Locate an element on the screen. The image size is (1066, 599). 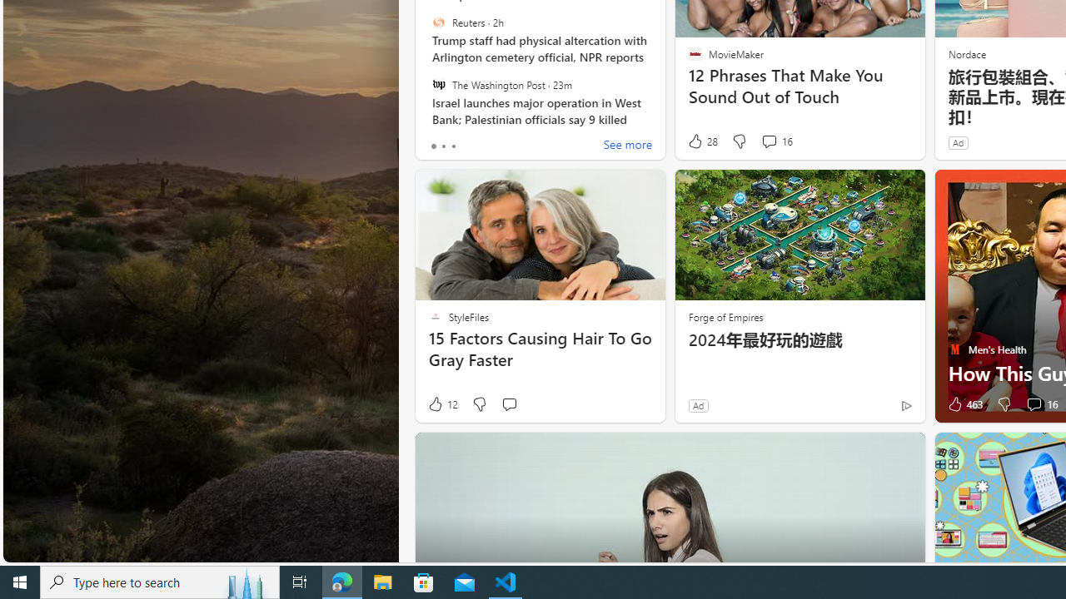
'tab-2' is located at coordinates (453, 146).